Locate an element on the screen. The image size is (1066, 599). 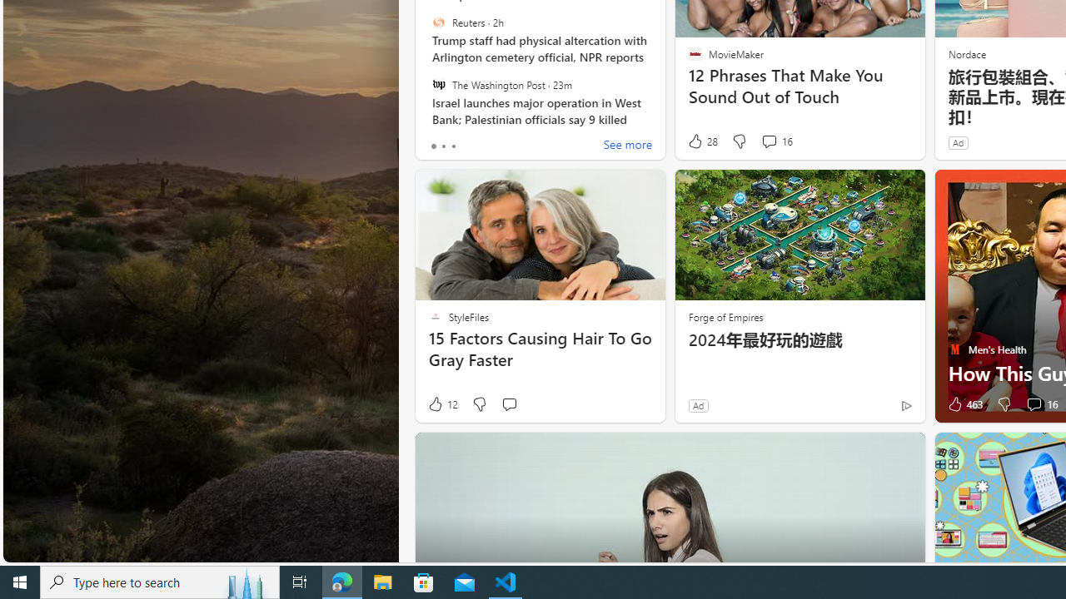
'tab-2' is located at coordinates (453, 146).